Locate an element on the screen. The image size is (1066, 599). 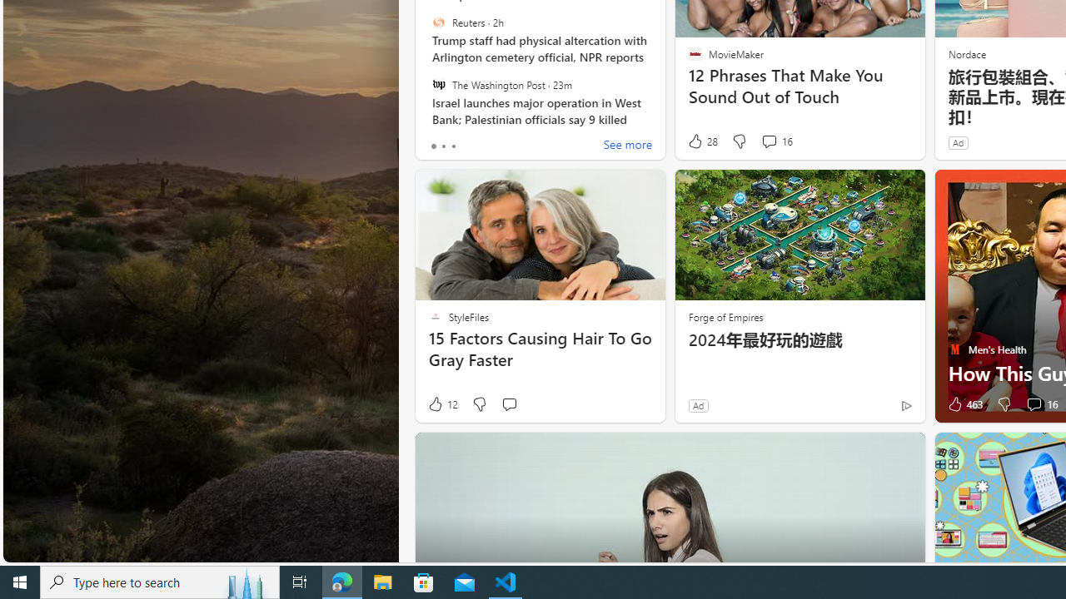
'tab-2' is located at coordinates (453, 146).